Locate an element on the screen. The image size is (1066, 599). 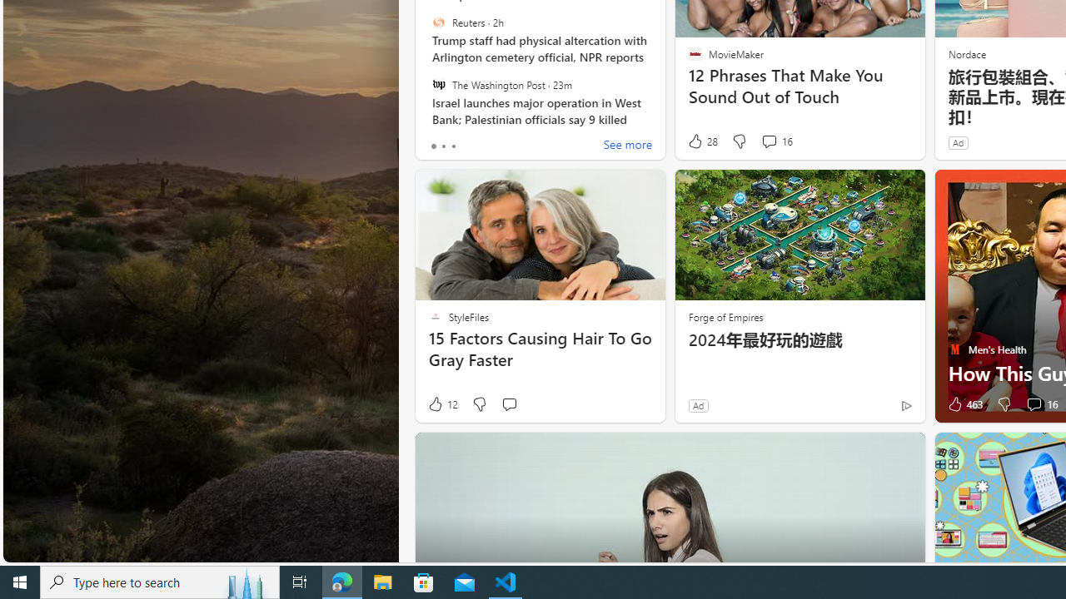
'tab-2' is located at coordinates (453, 146).